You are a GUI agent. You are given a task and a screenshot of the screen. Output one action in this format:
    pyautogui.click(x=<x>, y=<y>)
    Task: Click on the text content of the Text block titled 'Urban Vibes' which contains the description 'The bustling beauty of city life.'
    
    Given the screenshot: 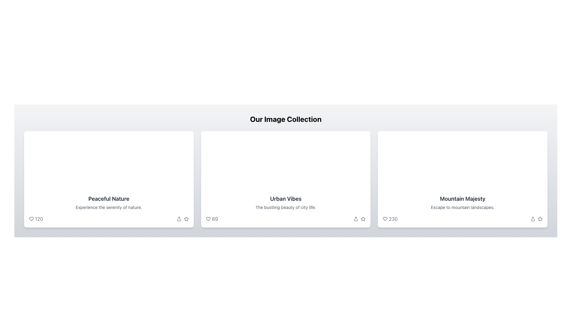 What is the action you would take?
    pyautogui.click(x=285, y=208)
    